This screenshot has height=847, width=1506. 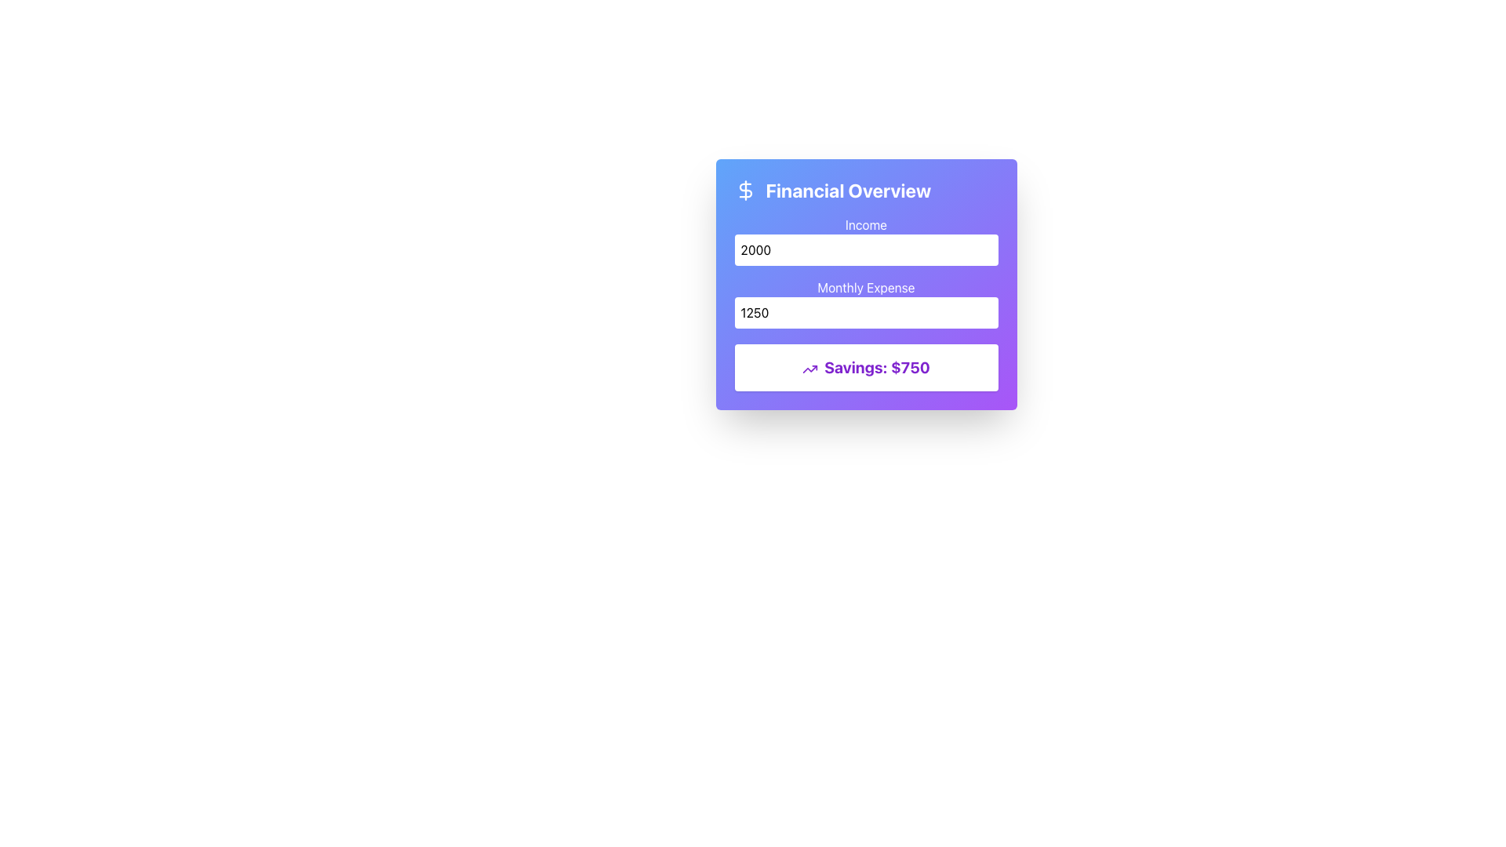 I want to click on numerical value indicating the savings amount displayed to the right of the 'Savings:' label, so click(x=910, y=367).